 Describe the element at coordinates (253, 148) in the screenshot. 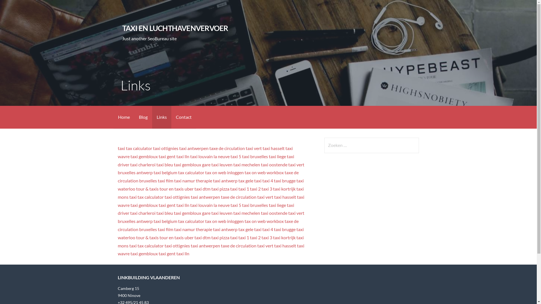

I see `'taxi vert'` at that location.